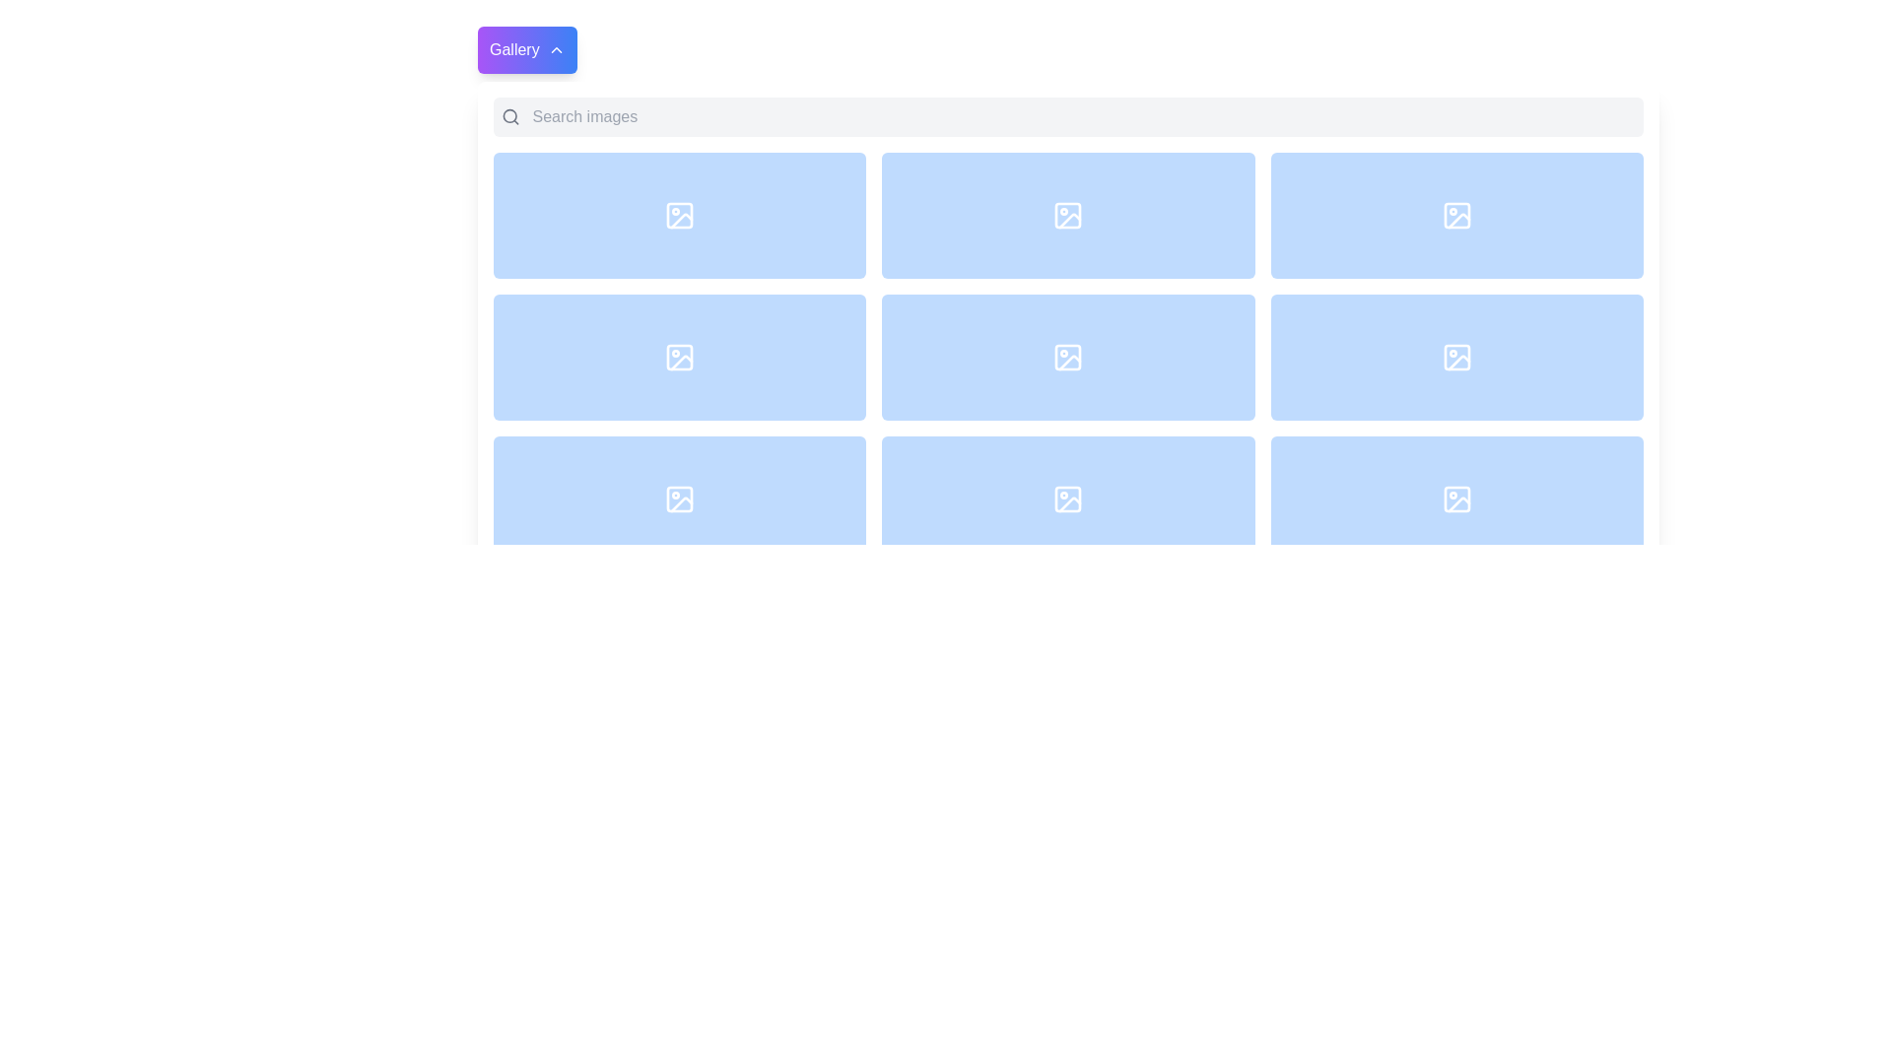 The width and height of the screenshot is (1892, 1064). What do you see at coordinates (1067, 357) in the screenshot?
I see `the fourth button in the grid layout, which is located in the middle row and second column, designed for actions related to images` at bounding box center [1067, 357].